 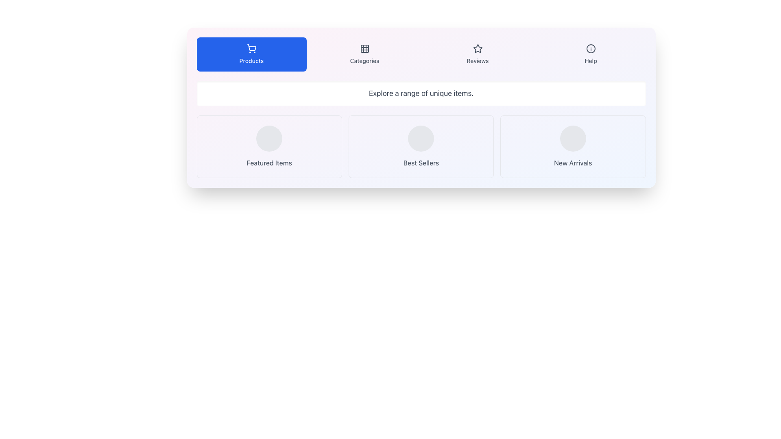 I want to click on the button labeled 'Reviews' which features a star icon above the text, located in the horizontal navigation bar, so click(x=478, y=54).